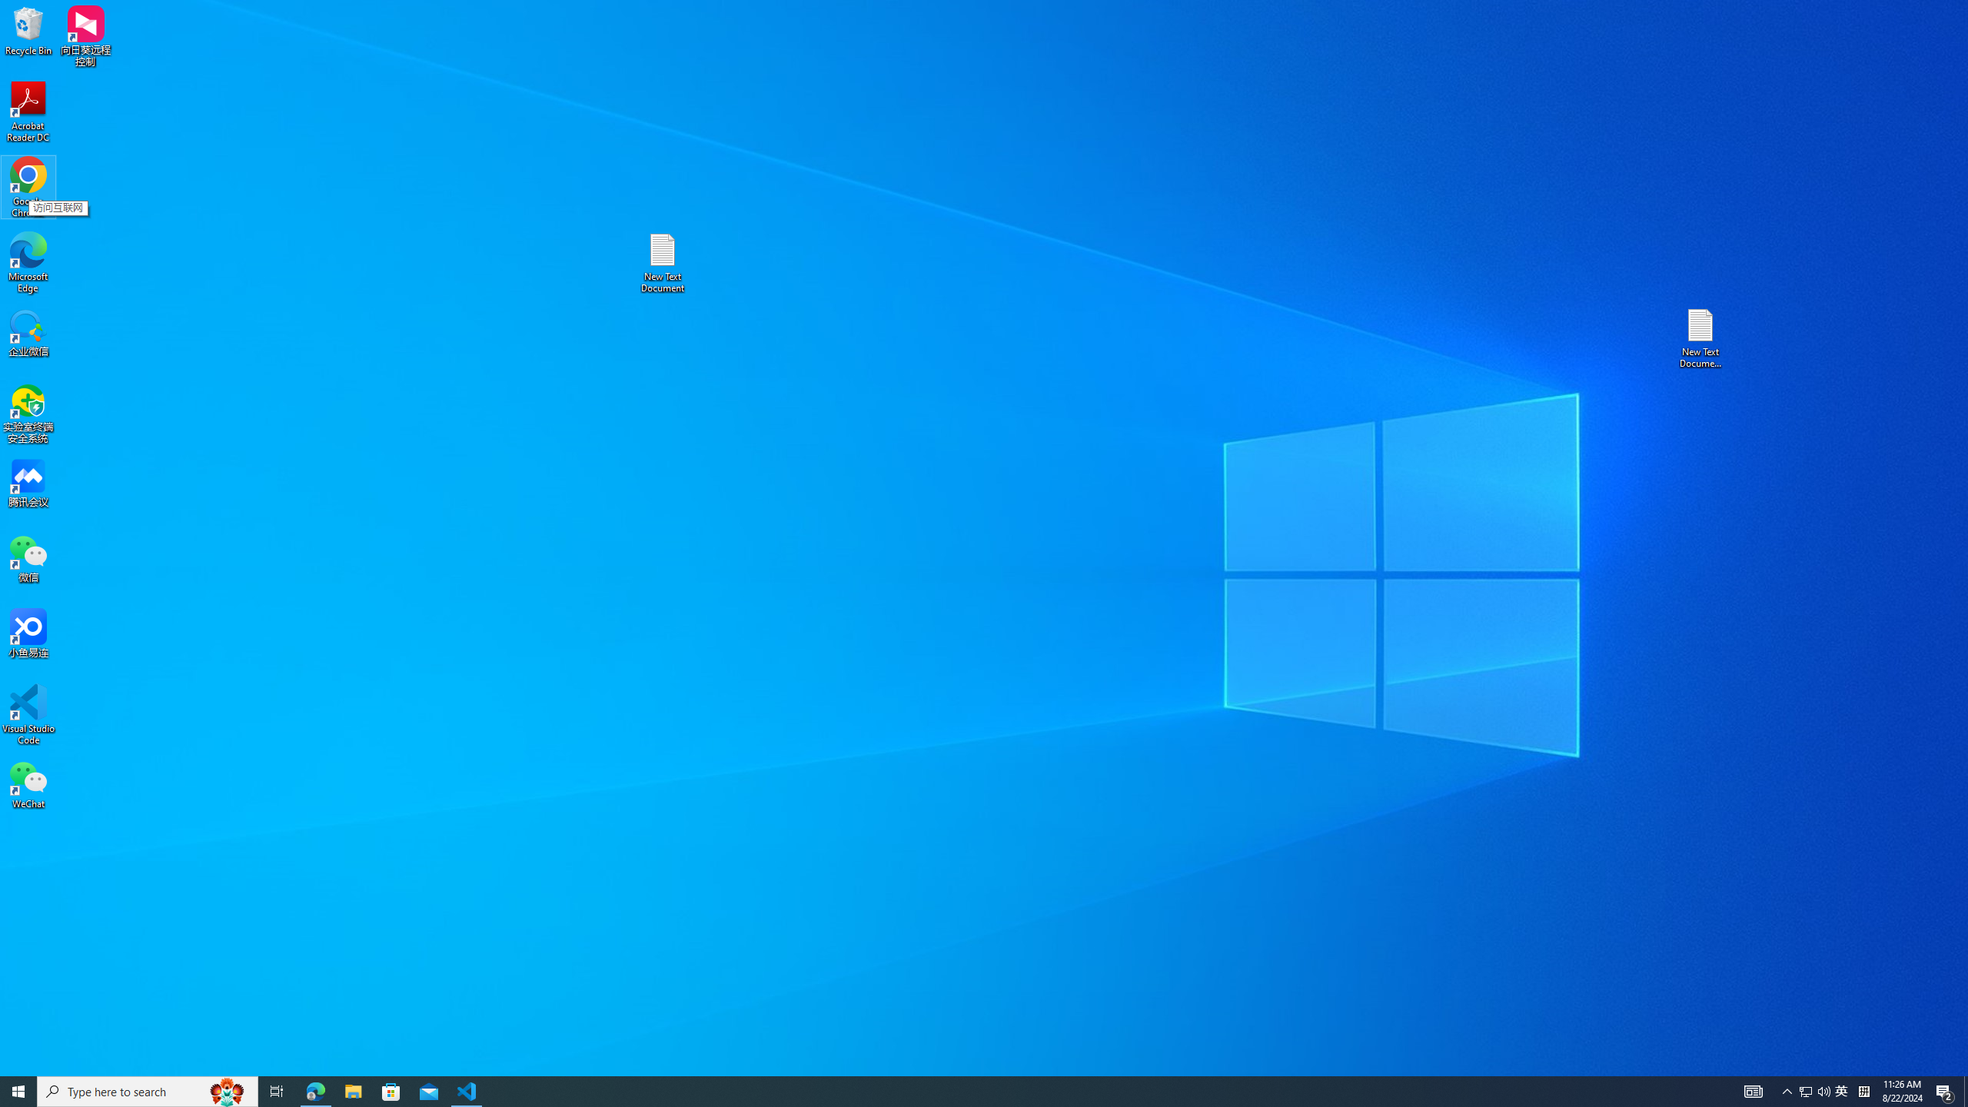 This screenshot has width=1968, height=1107. I want to click on 'Q2790: 100%', so click(1823, 1090).